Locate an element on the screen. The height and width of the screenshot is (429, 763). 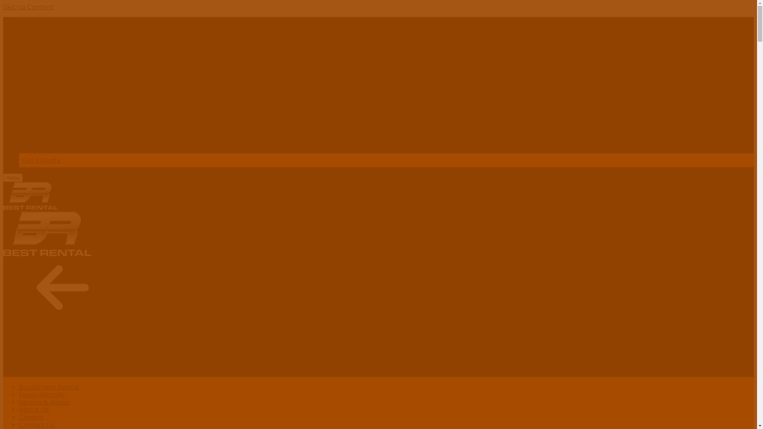
'Contact Us' is located at coordinates (36, 424).